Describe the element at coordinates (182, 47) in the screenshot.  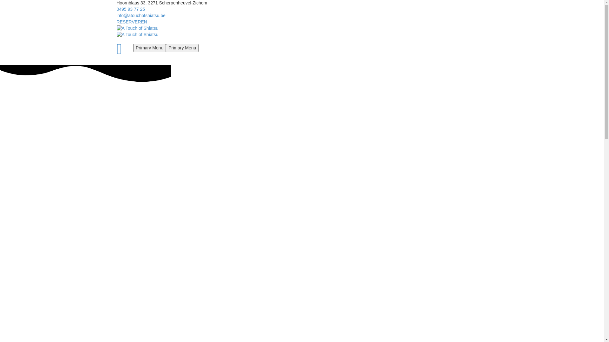
I see `'Primary Menu'` at that location.